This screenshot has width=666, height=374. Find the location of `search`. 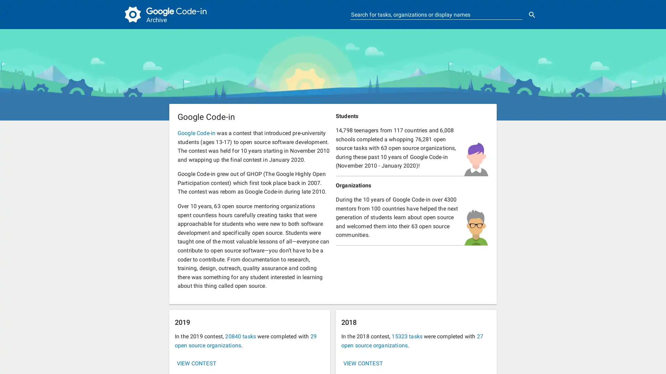

search is located at coordinates (532, 15).